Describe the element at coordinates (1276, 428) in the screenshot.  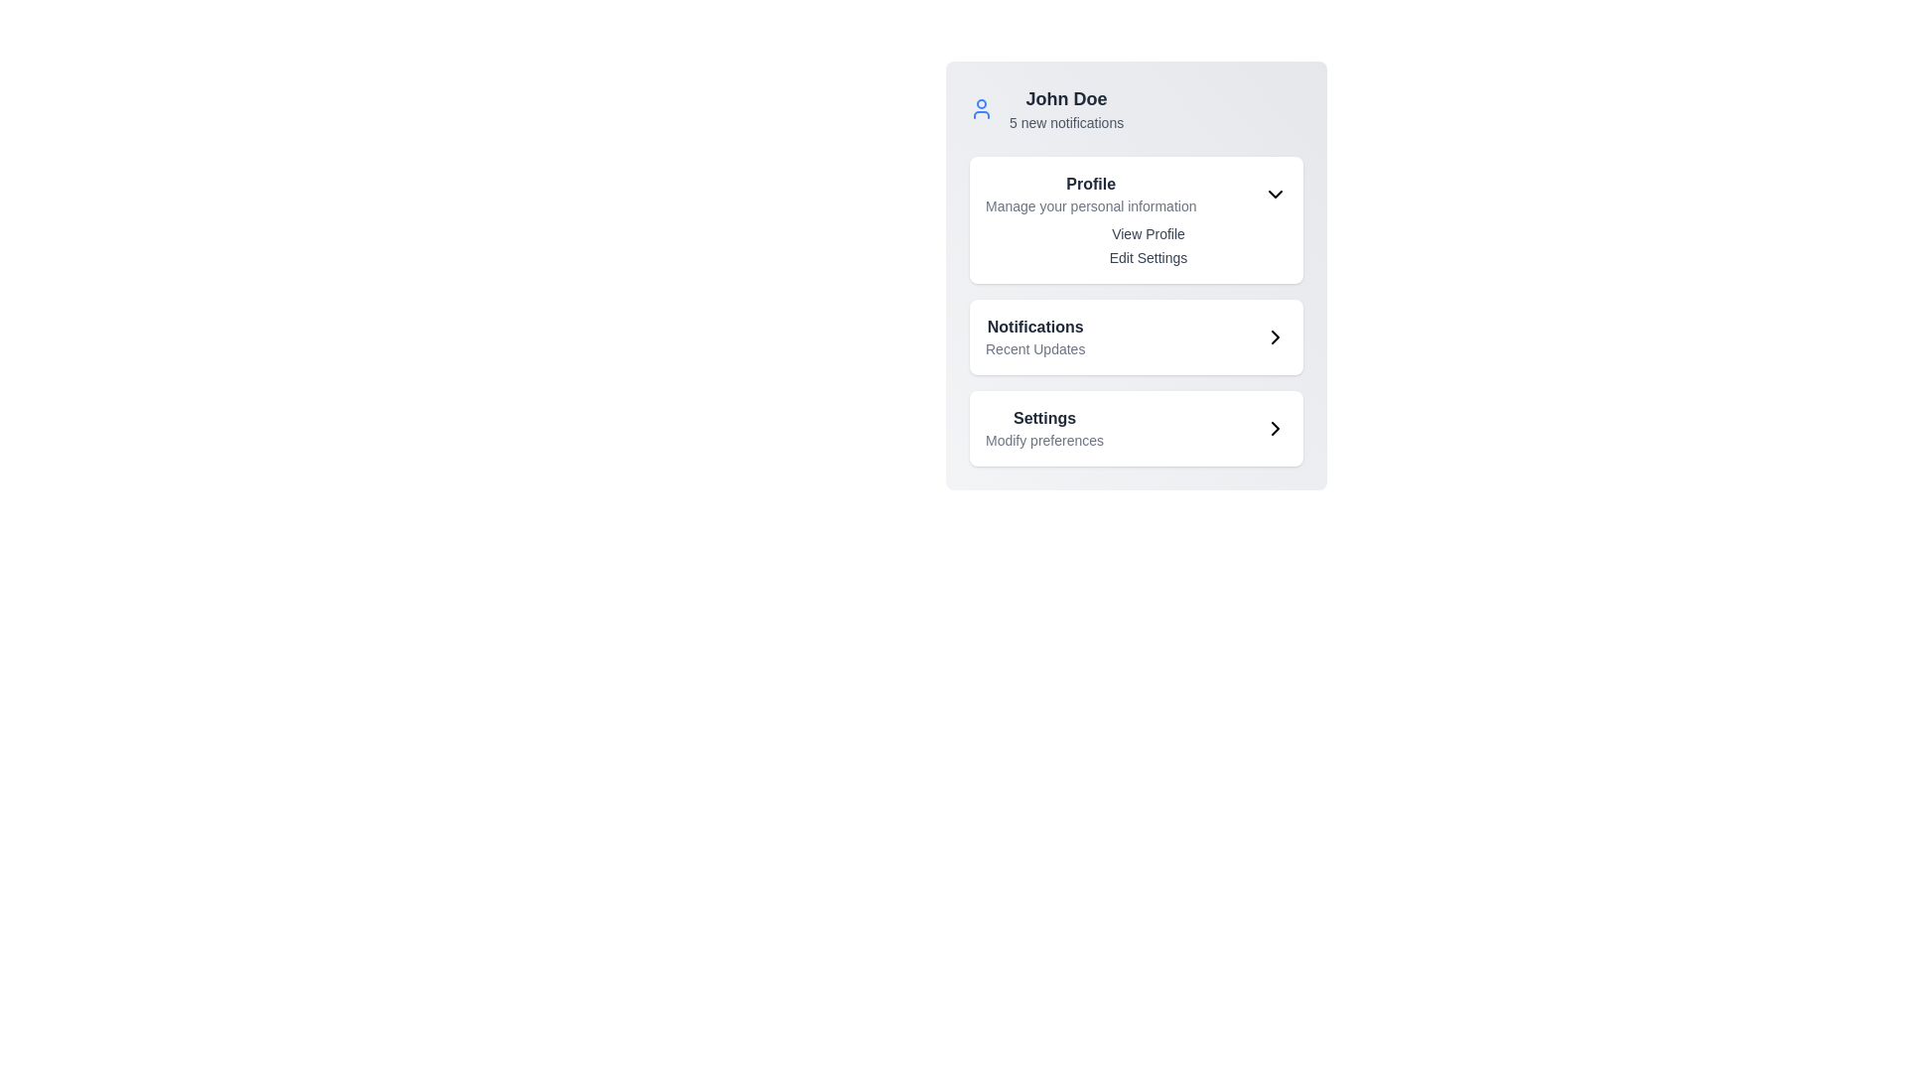
I see `the chevron icon located at the right end of the 'Settings' row next to 'Modify preferences'` at that location.